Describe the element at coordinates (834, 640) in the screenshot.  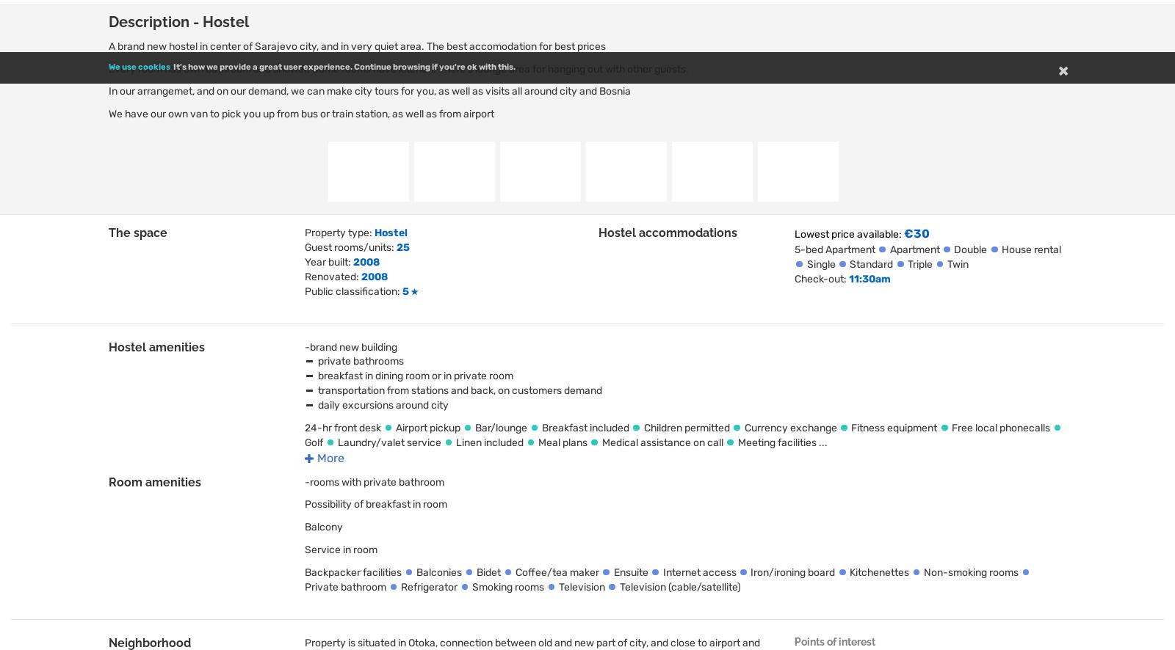
I see `'Points of interest'` at that location.